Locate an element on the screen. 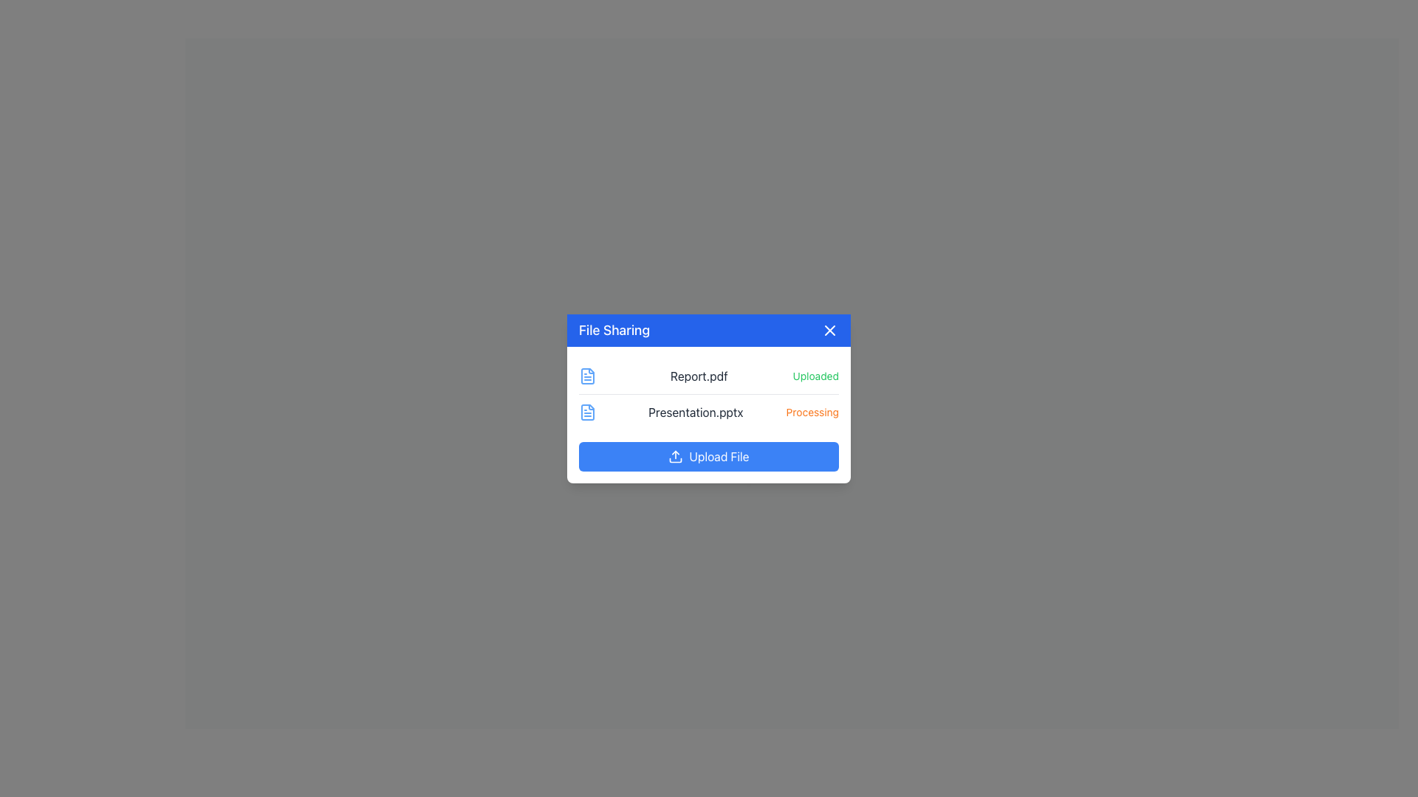  the document icon with a blue outline and light blue fill located in the 'File Sharing' modal next to 'Report.pdf.' is located at coordinates (587, 412).